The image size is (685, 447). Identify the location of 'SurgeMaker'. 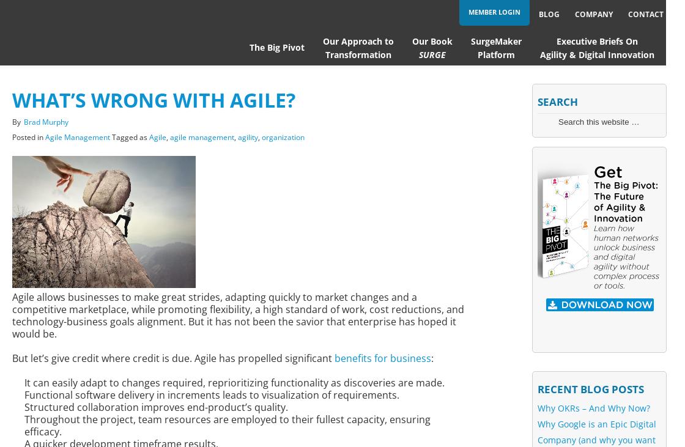
(495, 40).